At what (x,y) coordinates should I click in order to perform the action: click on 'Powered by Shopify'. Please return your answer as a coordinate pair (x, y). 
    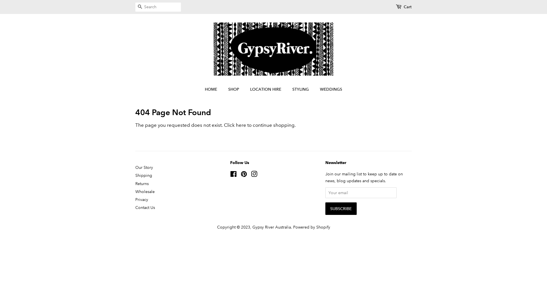
    Looking at the image, I should click on (311, 227).